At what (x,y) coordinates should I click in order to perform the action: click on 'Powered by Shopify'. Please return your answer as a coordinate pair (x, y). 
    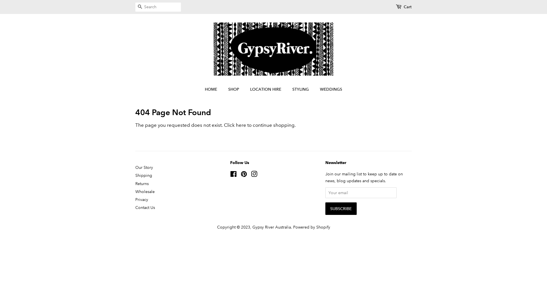
    Looking at the image, I should click on (311, 227).